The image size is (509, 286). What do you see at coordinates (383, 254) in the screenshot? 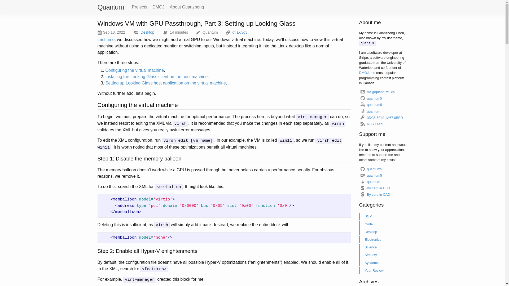
I see `'Security'` at bounding box center [383, 254].